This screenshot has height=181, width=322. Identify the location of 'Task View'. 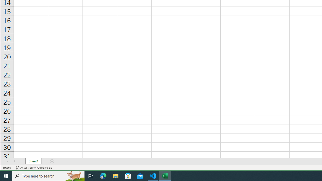
(90, 175).